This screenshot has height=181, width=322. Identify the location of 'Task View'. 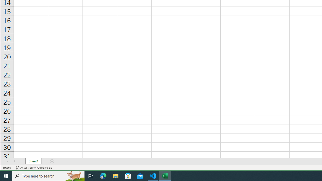
(90, 175).